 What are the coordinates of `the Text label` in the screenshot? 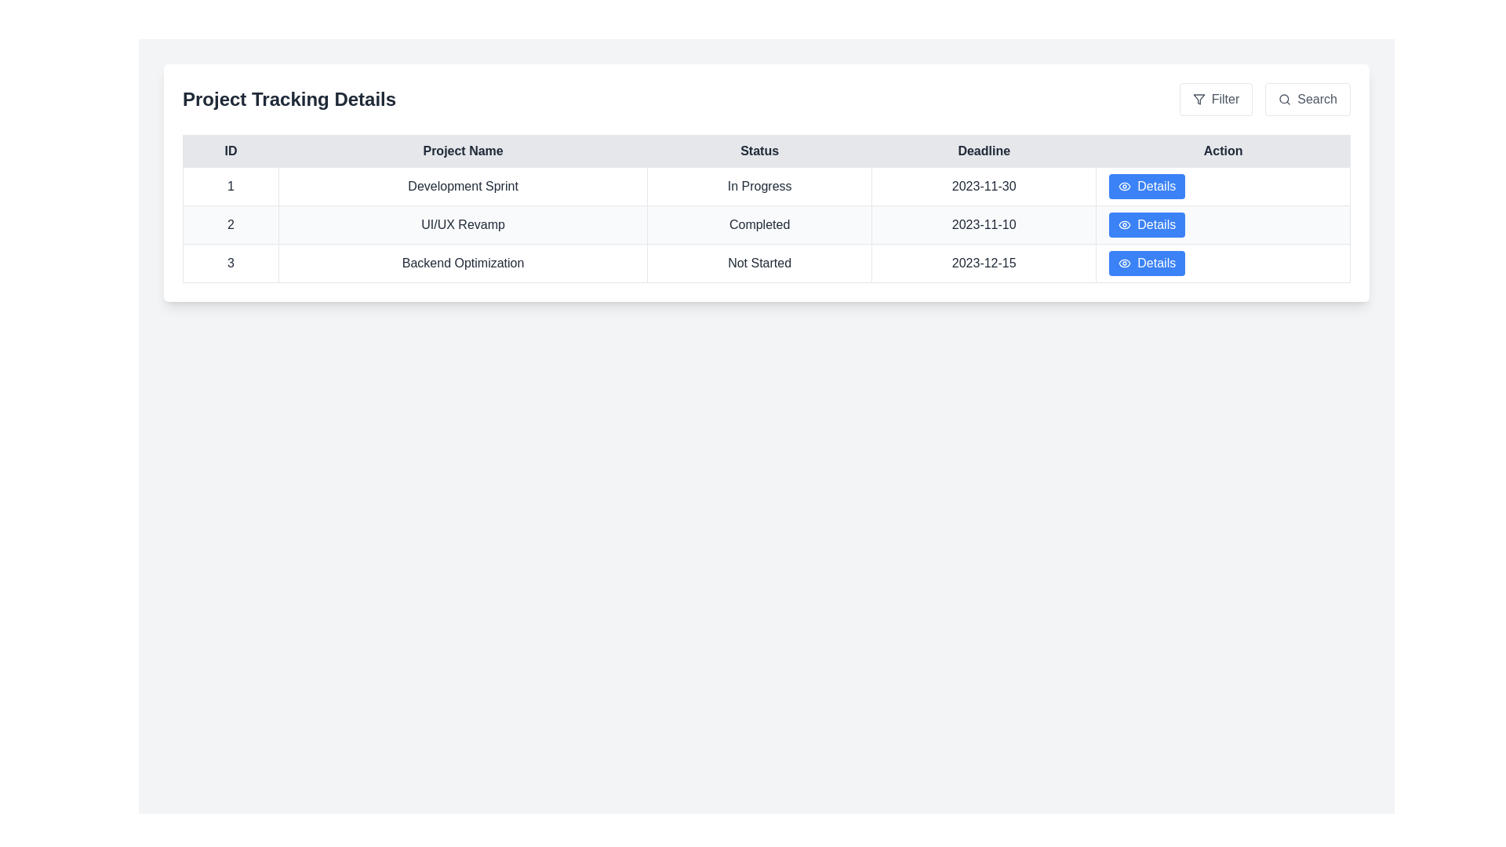 It's located at (230, 262).